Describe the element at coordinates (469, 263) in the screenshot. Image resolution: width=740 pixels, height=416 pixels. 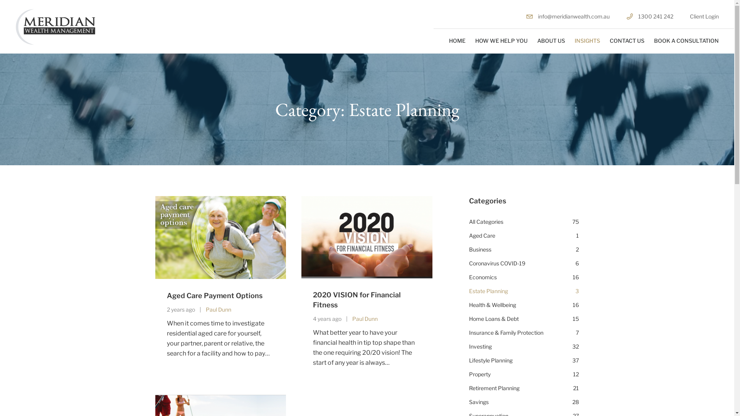
I see `'Coronavirus COVID-19` at that location.